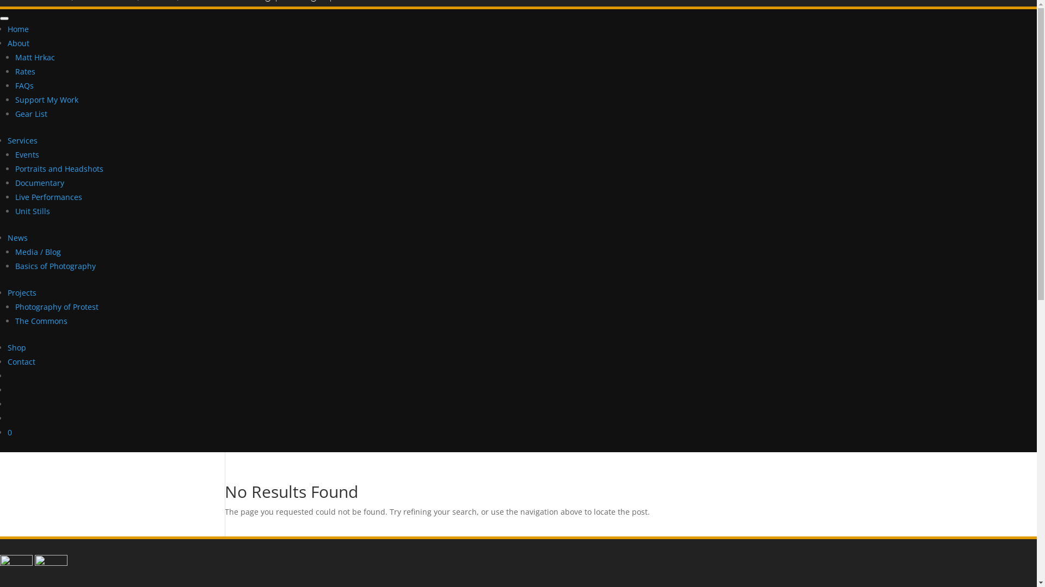  What do you see at coordinates (25, 71) in the screenshot?
I see `'Rates'` at bounding box center [25, 71].